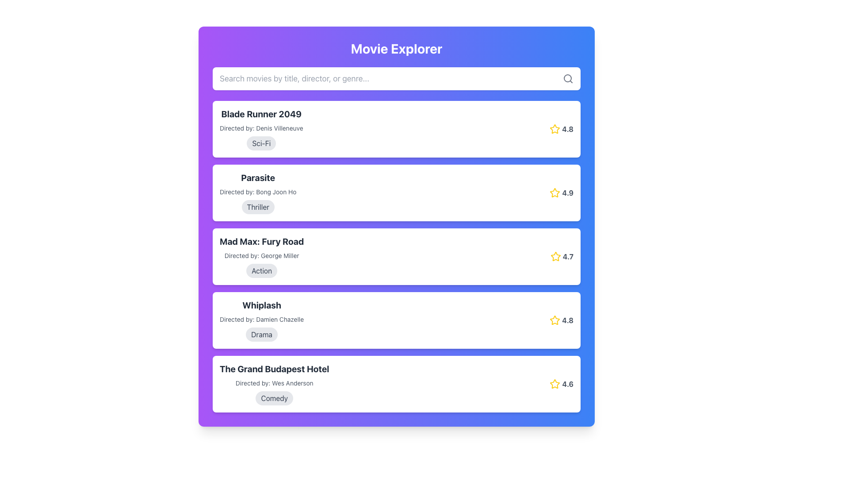 This screenshot has width=849, height=478. Describe the element at coordinates (261, 270) in the screenshot. I see `the pill-shaped label displaying the text 'Action' in bold, dark gray font, located near the bottom of the block containing the title 'Mad Max: Fury Road'` at that location.